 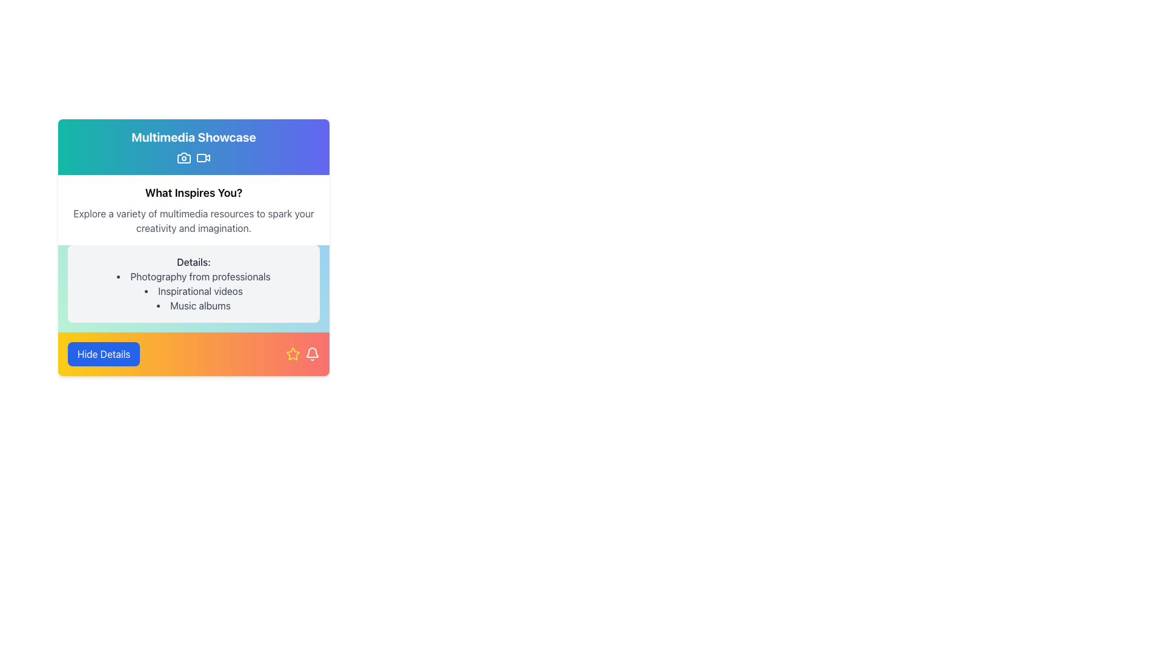 What do you see at coordinates (312, 354) in the screenshot?
I see `the Icon button located at the bottom of the card, which is the last interactive element in a row and positioned to the right of the yellow star-shaped button` at bounding box center [312, 354].